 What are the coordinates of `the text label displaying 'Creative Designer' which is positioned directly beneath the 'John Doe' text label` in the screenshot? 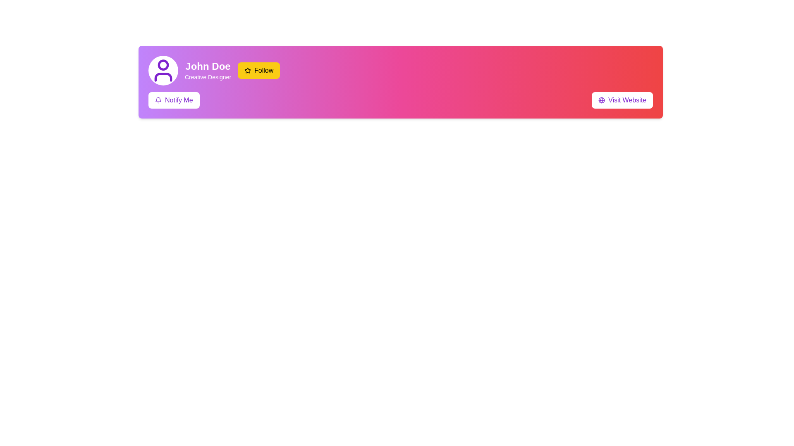 It's located at (208, 77).